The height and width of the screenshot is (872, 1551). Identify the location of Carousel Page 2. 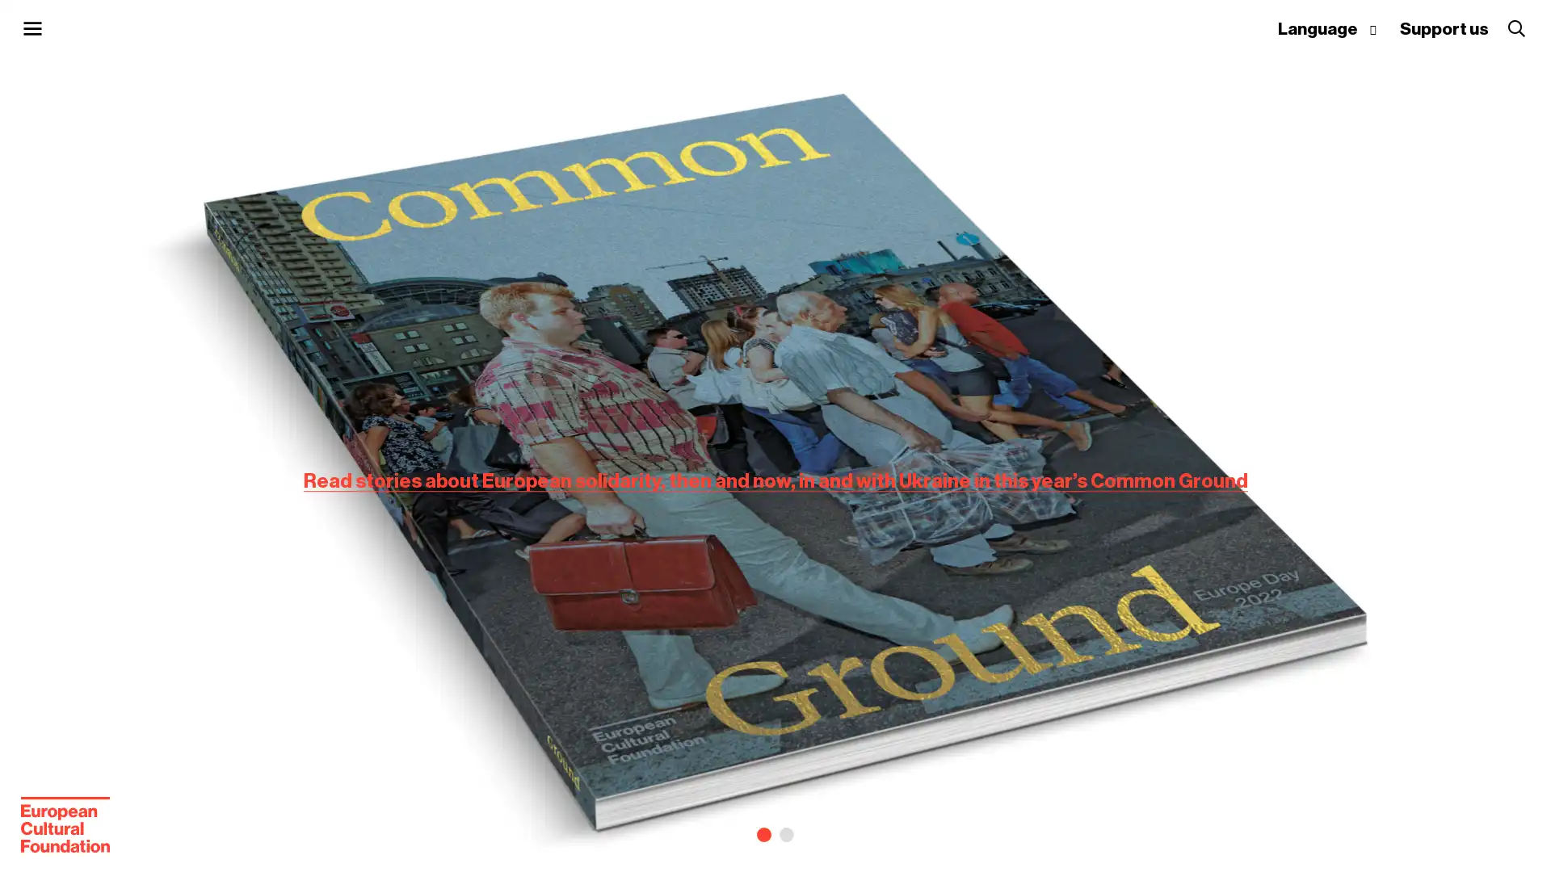
(787, 834).